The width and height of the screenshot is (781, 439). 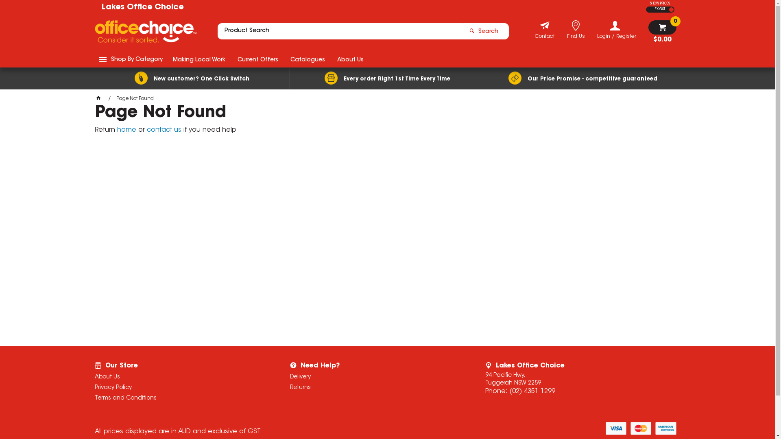 I want to click on 'contact us', so click(x=163, y=130).